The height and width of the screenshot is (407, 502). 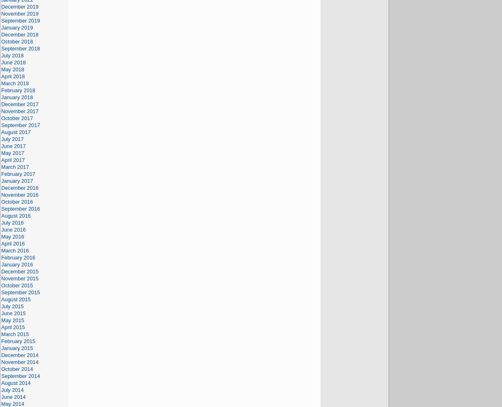 I want to click on 'June 2015', so click(x=13, y=313).